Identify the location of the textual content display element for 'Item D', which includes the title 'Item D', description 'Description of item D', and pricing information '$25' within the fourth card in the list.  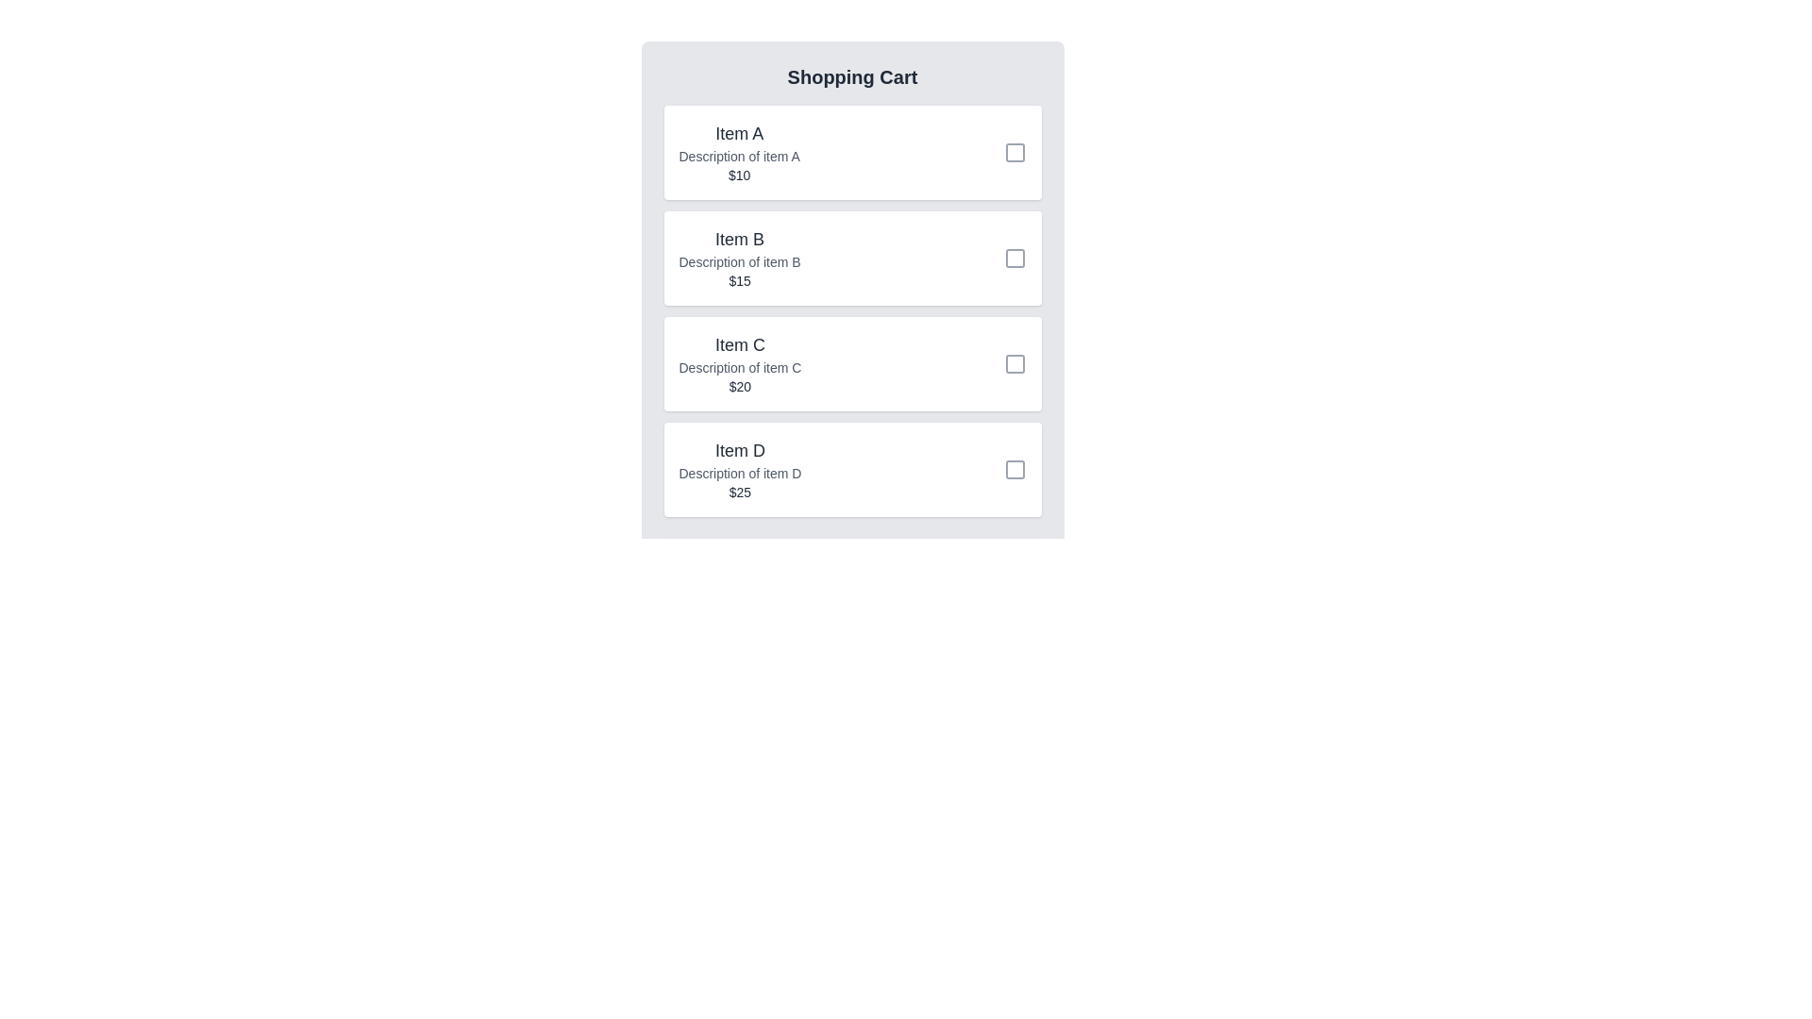
(739, 468).